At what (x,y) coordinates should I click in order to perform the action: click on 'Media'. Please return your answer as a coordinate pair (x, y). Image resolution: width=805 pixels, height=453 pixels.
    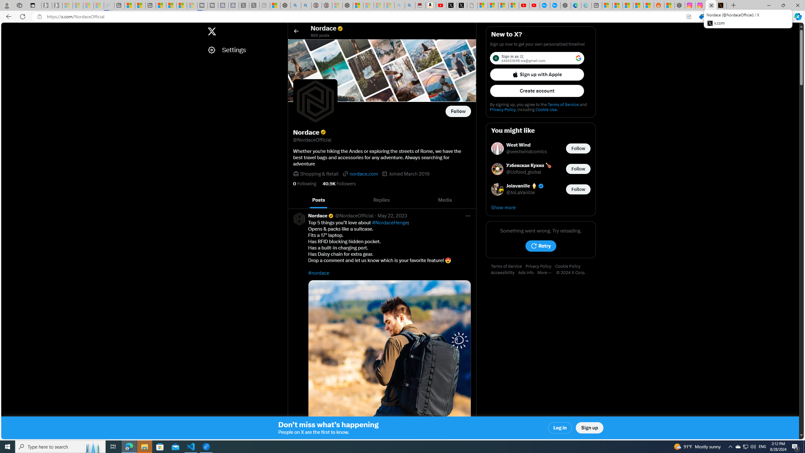
    Looking at the image, I should click on (445, 200).